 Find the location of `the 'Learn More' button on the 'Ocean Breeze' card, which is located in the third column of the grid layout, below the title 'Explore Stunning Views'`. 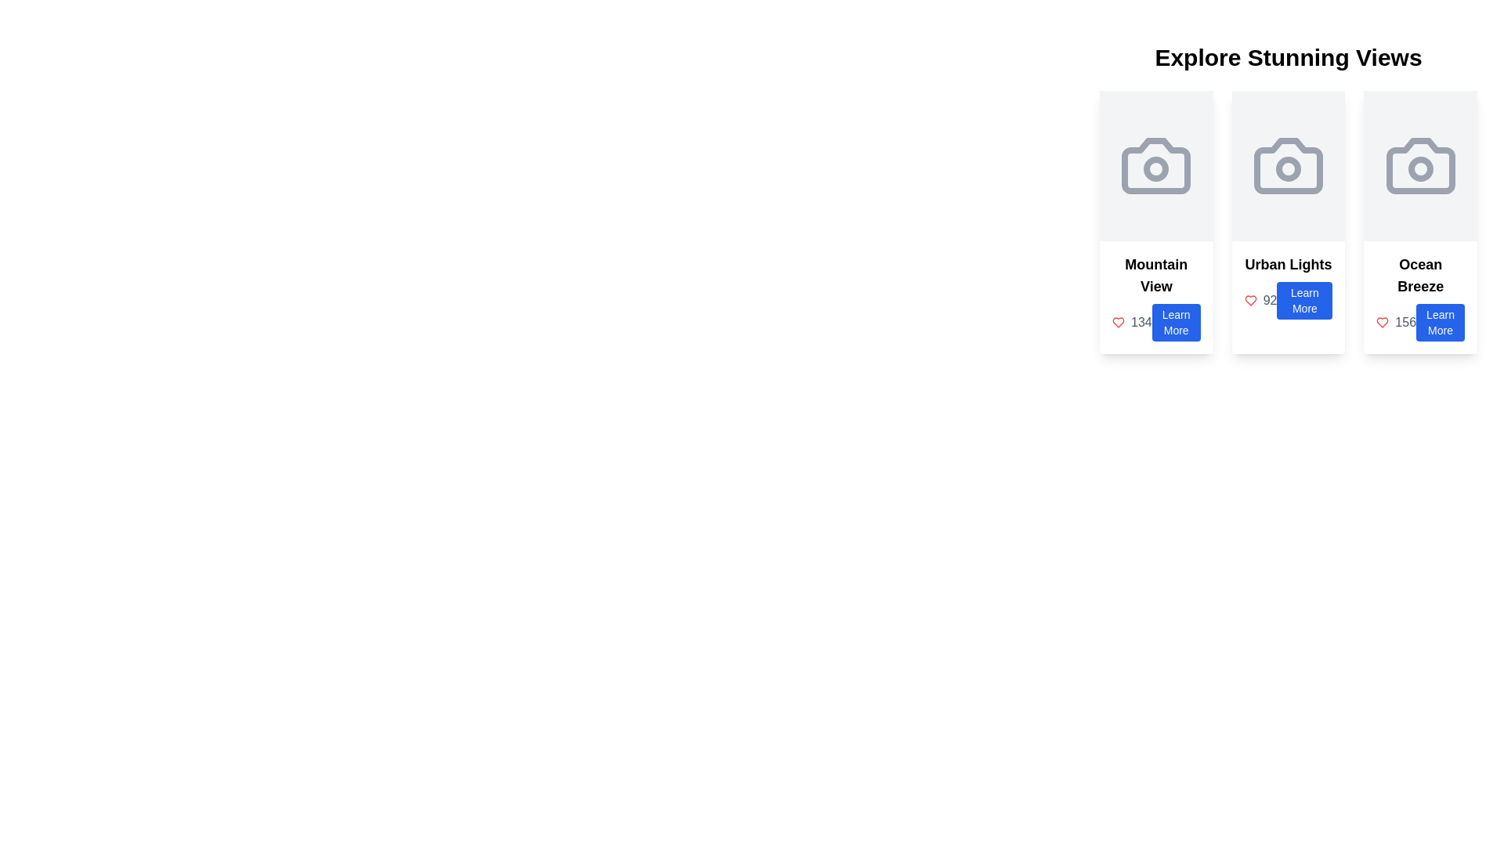

the 'Learn More' button on the 'Ocean Breeze' card, which is located in the third column of the grid layout, below the title 'Explore Stunning Views' is located at coordinates (1420, 298).